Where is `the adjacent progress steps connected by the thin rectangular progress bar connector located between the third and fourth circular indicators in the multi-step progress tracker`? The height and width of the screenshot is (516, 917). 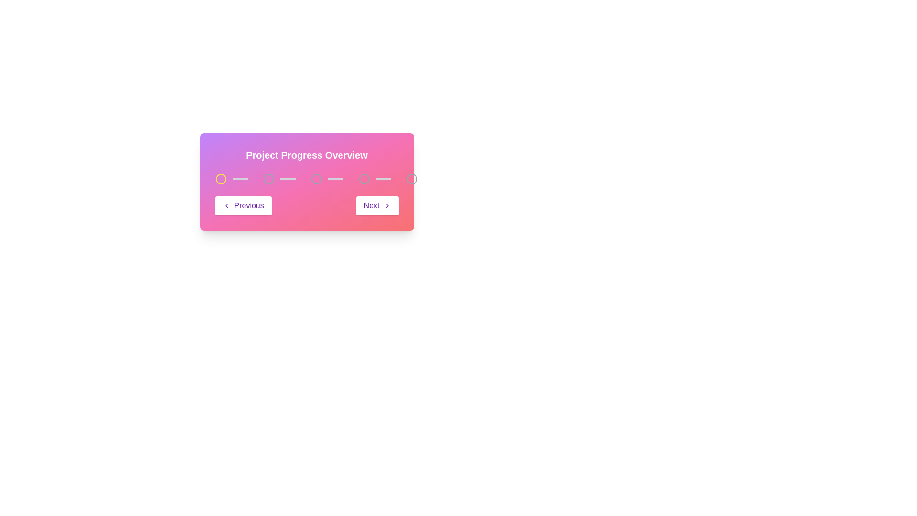 the adjacent progress steps connected by the thin rectangular progress bar connector located between the third and fourth circular indicators in the multi-step progress tracker is located at coordinates (335, 179).